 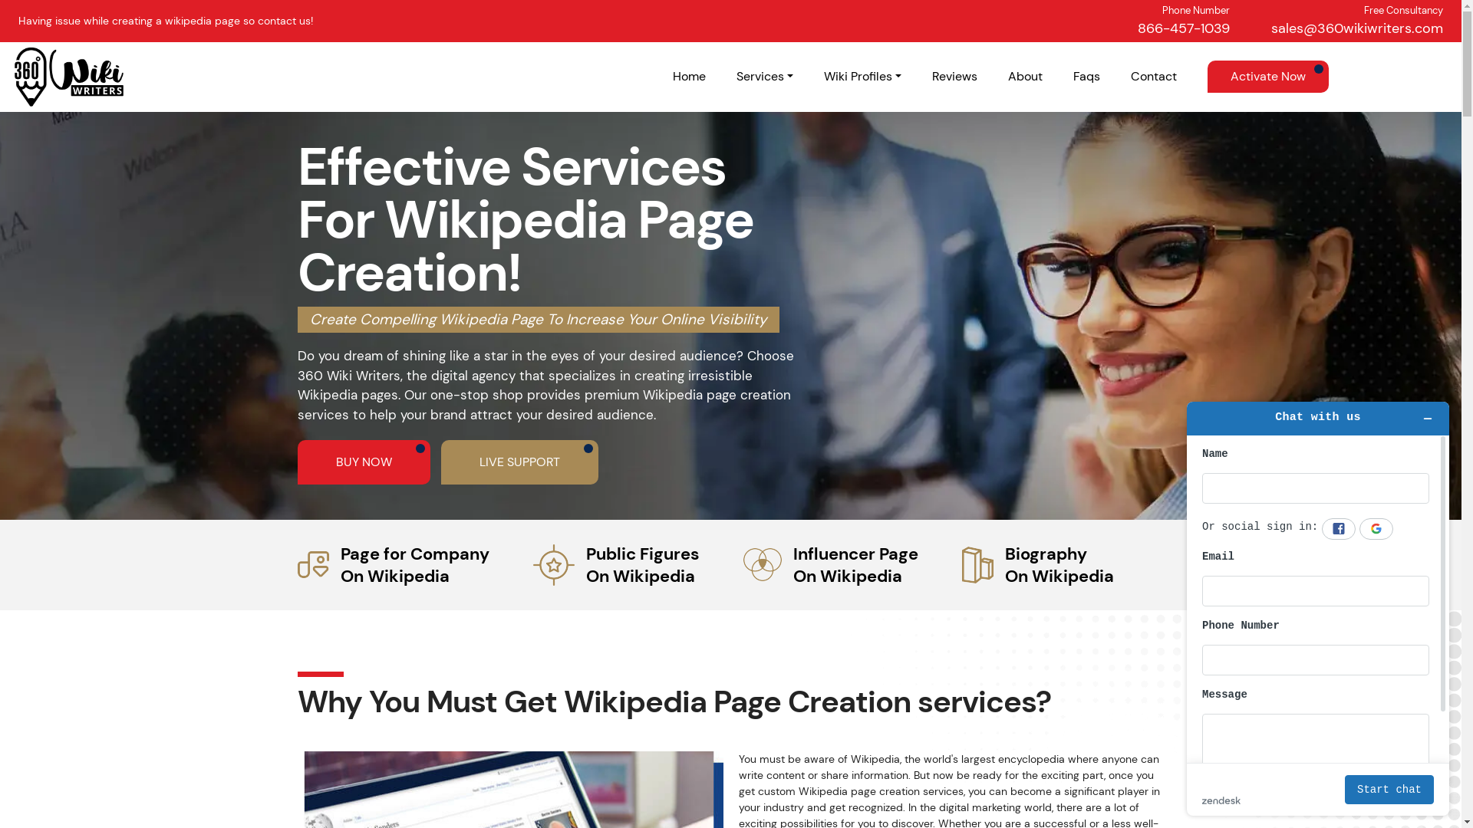 What do you see at coordinates (1086, 76) in the screenshot?
I see `'Faqs'` at bounding box center [1086, 76].